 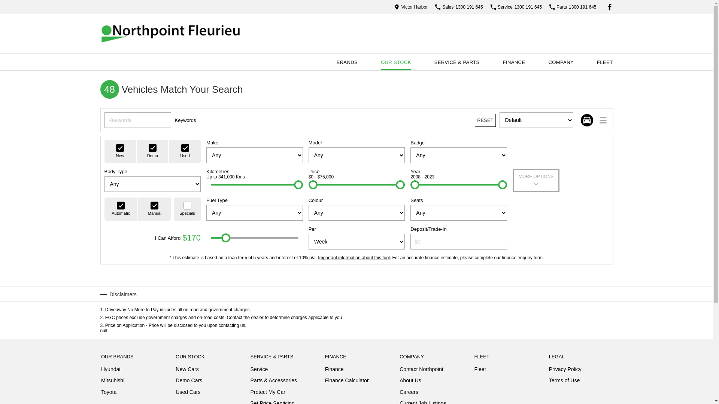 What do you see at coordinates (268, 393) in the screenshot?
I see `'Protect My Car'` at bounding box center [268, 393].